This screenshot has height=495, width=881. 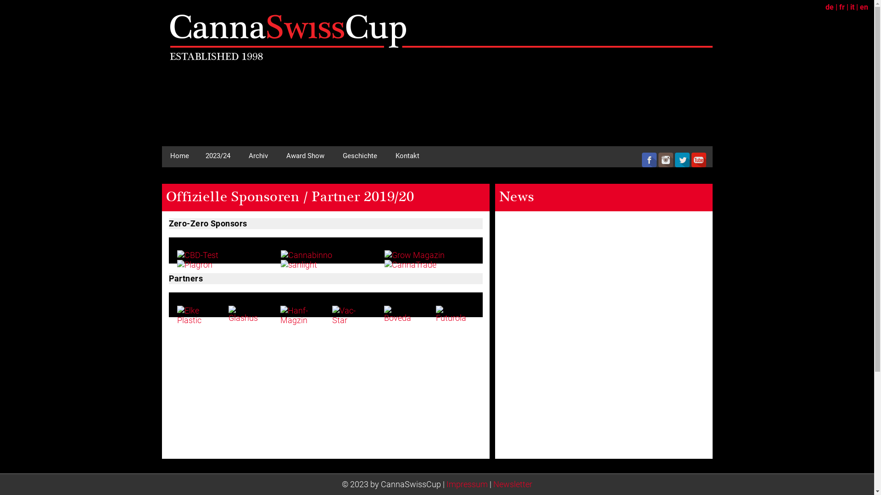 I want to click on 'twitter', so click(x=682, y=159).